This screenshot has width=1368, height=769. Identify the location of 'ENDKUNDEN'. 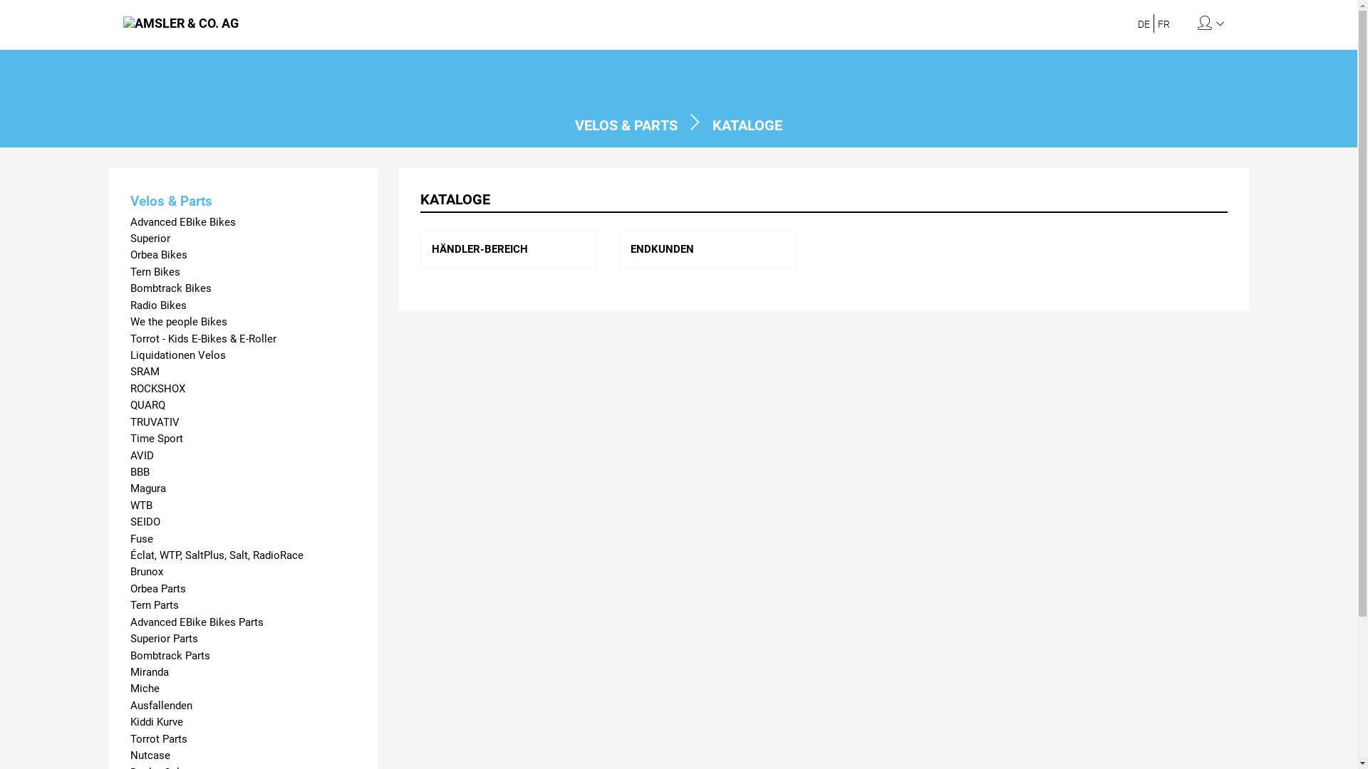
(661, 249).